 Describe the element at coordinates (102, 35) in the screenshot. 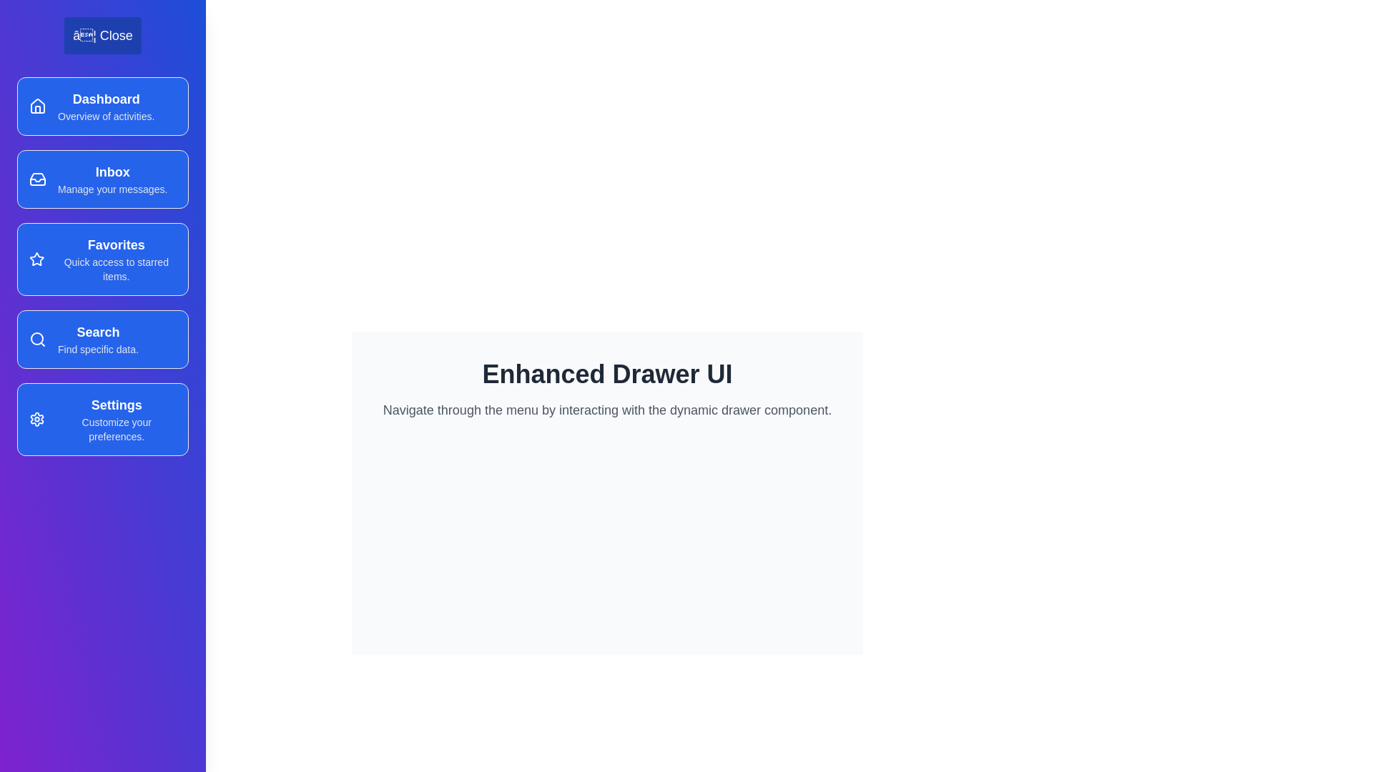

I see `the 'Close' button to toggle the drawer visibility` at that location.